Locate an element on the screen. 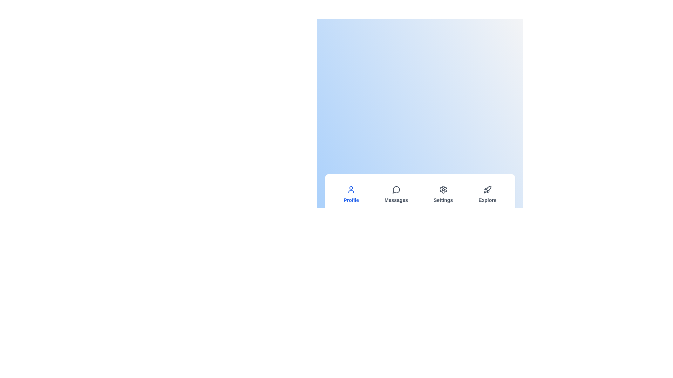 The width and height of the screenshot is (673, 378). the tab labeled Profile is located at coordinates (351, 194).